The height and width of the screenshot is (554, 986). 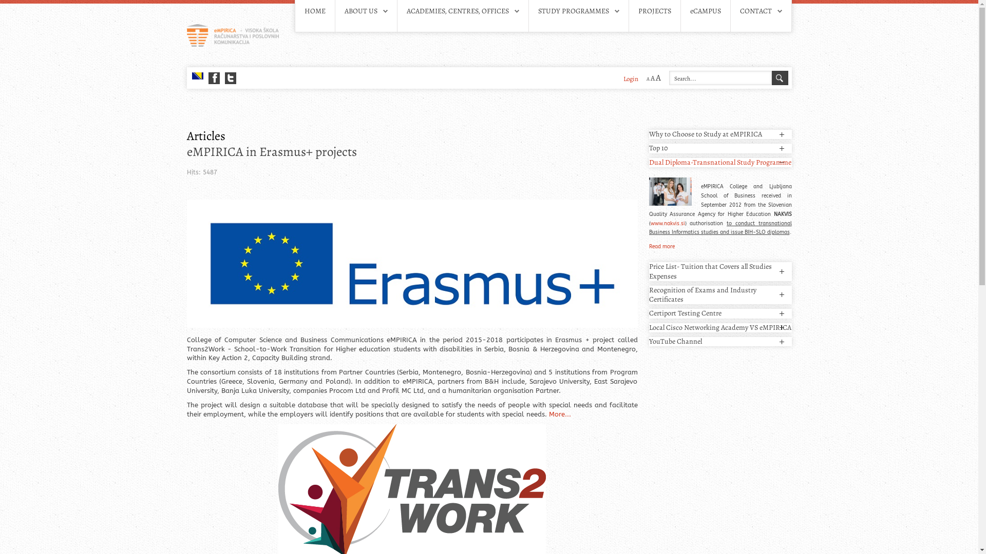 I want to click on 'A', so click(x=652, y=77).